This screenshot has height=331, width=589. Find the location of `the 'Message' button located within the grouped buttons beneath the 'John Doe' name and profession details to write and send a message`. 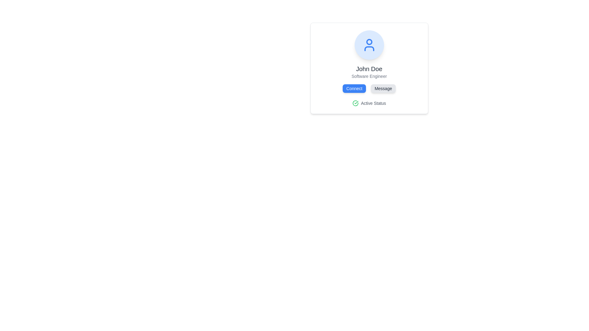

the 'Message' button located within the grouped buttons beneath the 'John Doe' name and profession details to write and send a message is located at coordinates (369, 89).